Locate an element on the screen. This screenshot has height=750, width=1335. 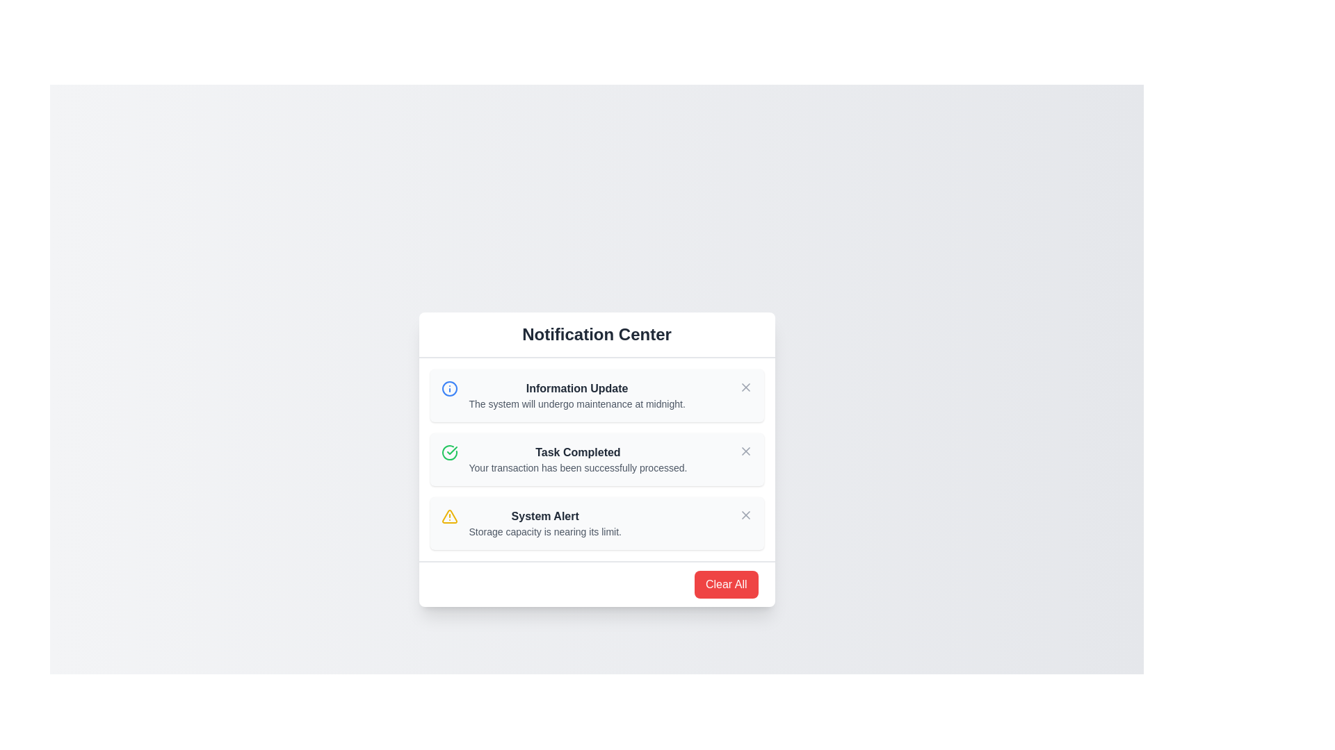
the close icon (X) on the right side of the 'Task Completed' notification is located at coordinates (745, 451).